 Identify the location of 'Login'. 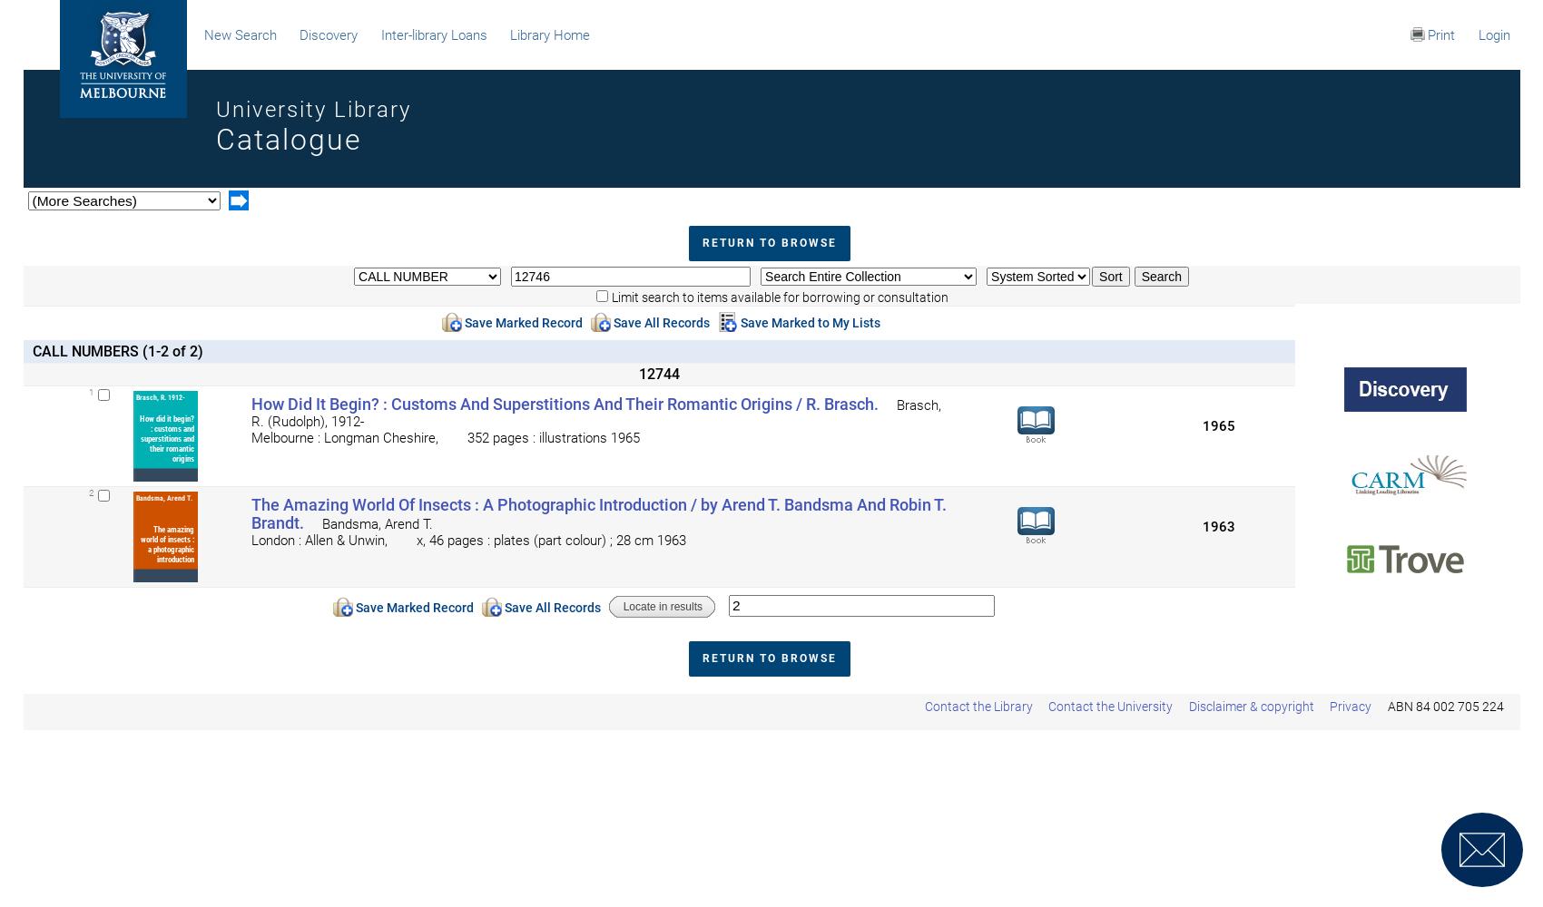
(1492, 35).